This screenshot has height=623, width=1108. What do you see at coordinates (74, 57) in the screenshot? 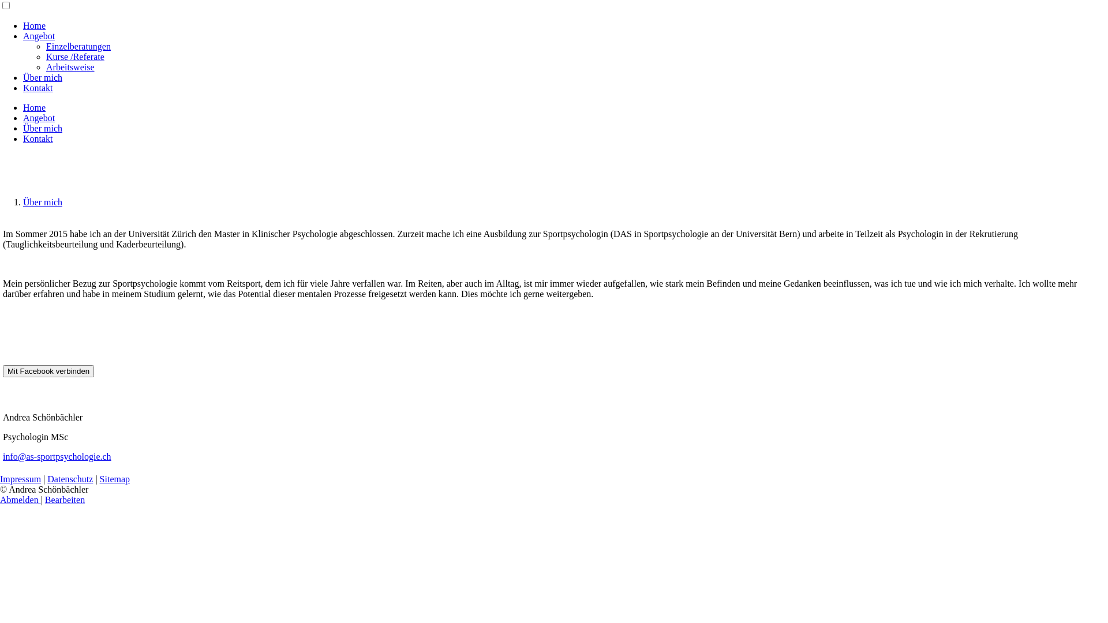
I see `'Kurse /Referate'` at bounding box center [74, 57].